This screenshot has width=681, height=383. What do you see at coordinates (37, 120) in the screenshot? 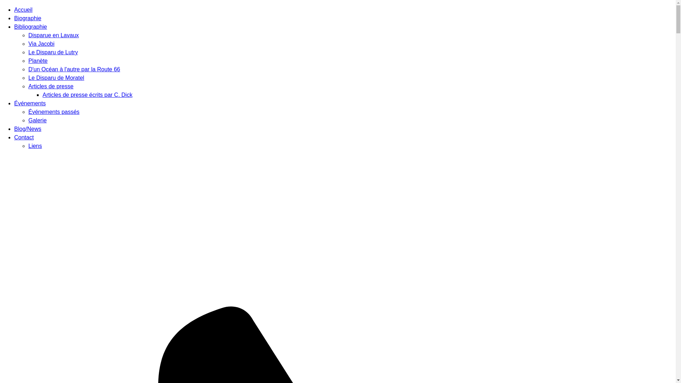
I see `'Galerie'` at bounding box center [37, 120].